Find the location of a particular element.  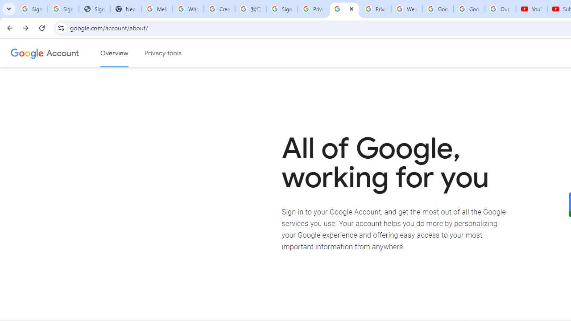

'New Tab' is located at coordinates (125, 9).